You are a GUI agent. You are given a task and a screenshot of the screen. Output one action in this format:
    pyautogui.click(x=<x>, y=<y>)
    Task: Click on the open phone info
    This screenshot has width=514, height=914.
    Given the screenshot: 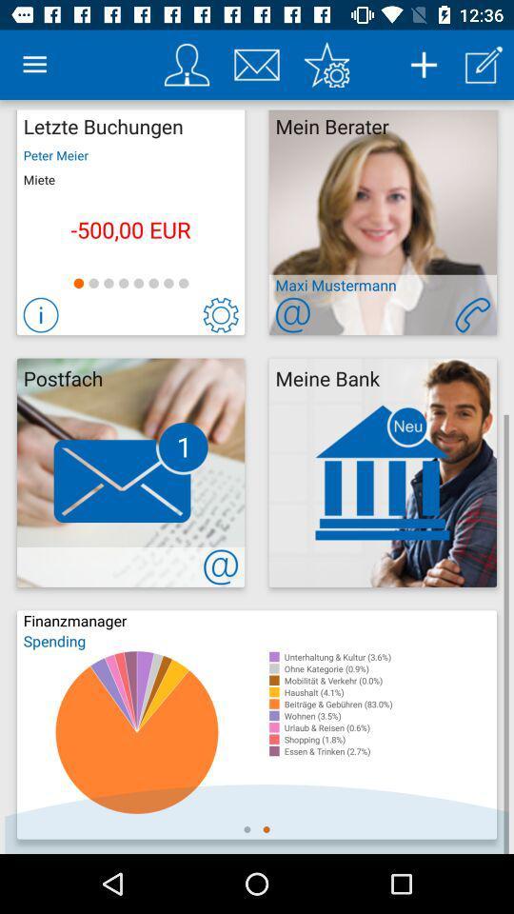 What is the action you would take?
    pyautogui.click(x=471, y=315)
    